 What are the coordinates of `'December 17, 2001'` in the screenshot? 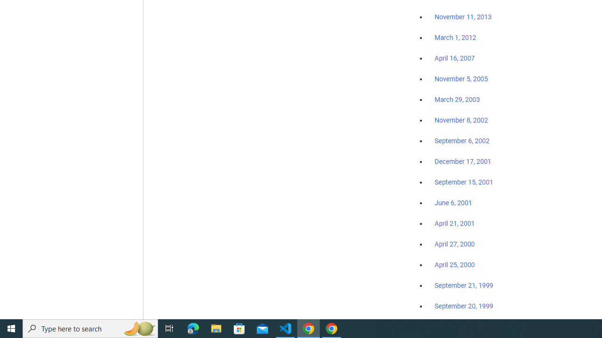 It's located at (463, 161).